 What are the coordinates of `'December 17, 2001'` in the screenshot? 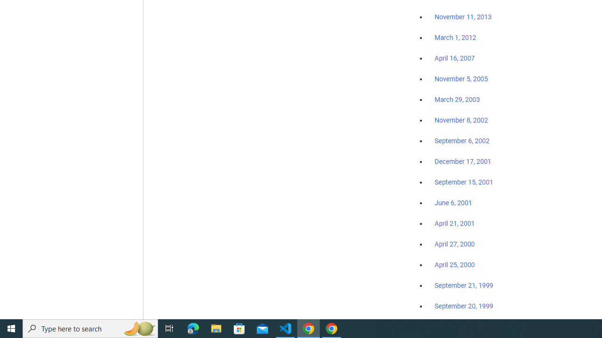 It's located at (463, 161).